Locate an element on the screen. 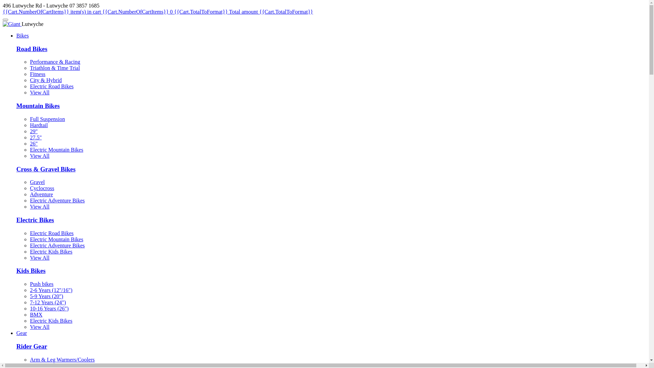  '27.5"' is located at coordinates (35, 137).